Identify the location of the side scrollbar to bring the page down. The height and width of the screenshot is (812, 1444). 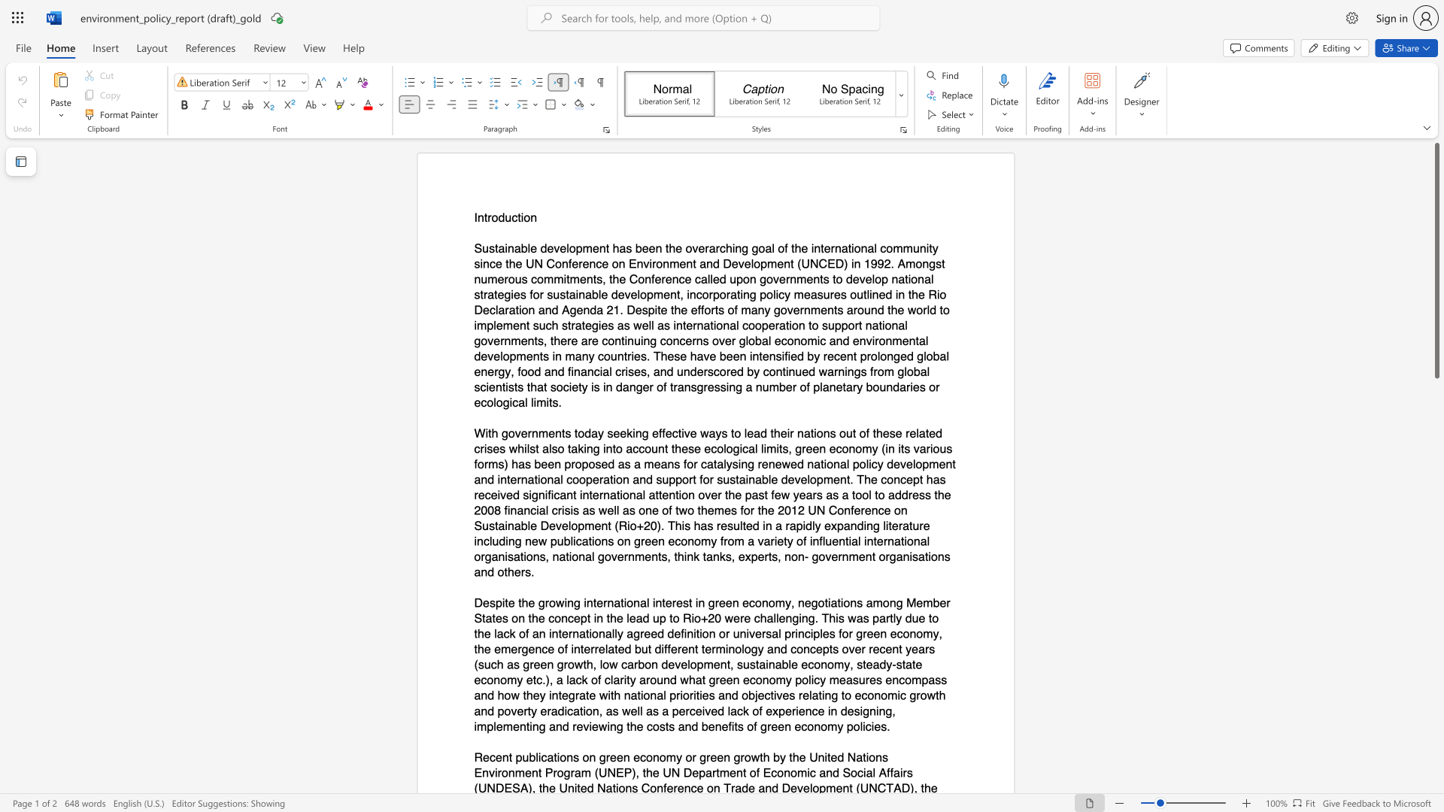
(1436, 397).